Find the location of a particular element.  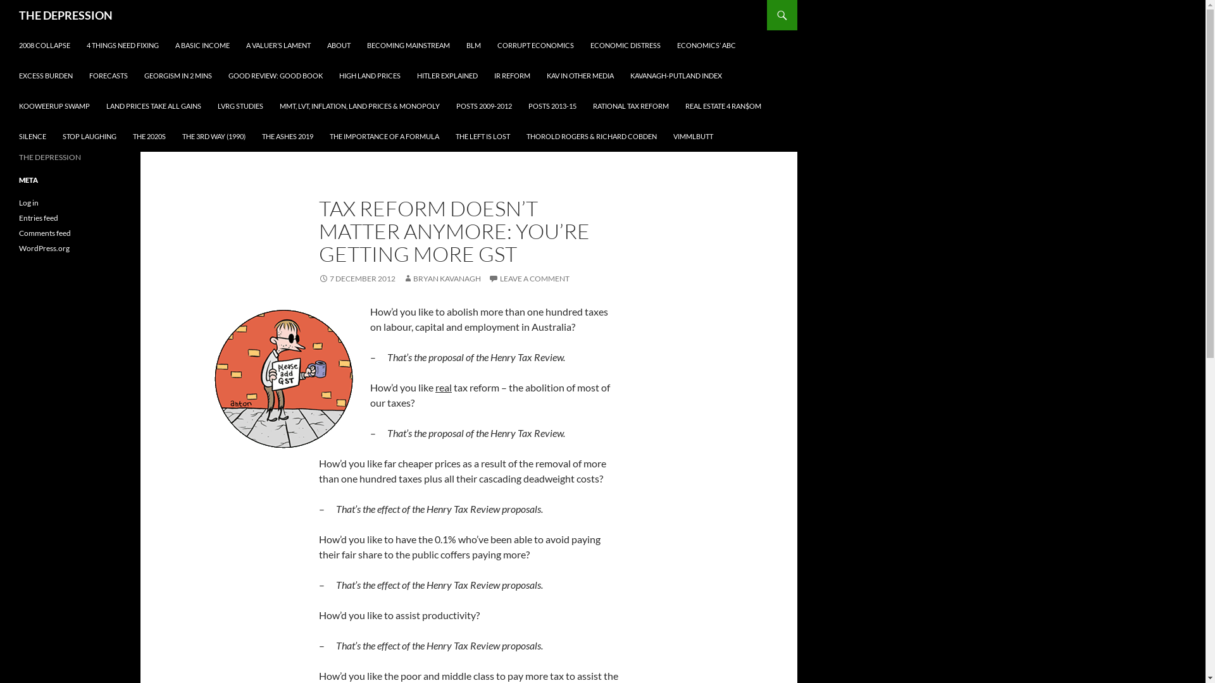

'THE IMPORTANCE OF A FORMULA' is located at coordinates (383, 137).